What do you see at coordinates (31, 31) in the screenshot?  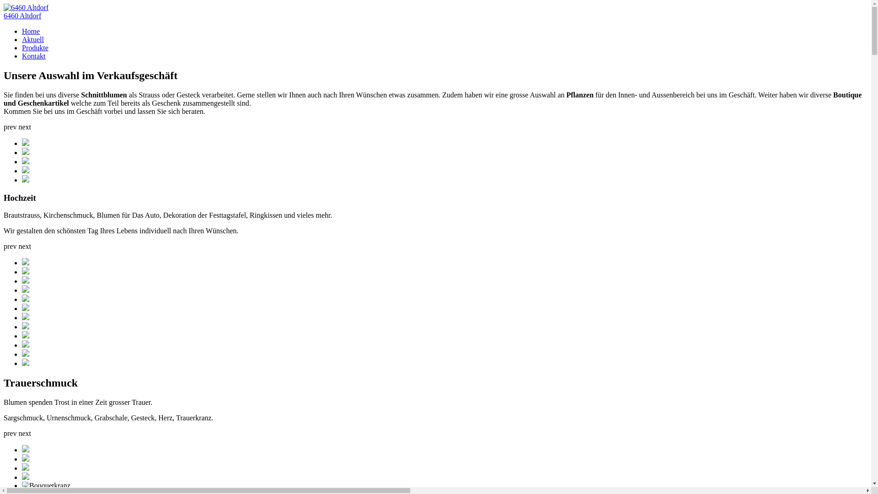 I see `'Home'` at bounding box center [31, 31].